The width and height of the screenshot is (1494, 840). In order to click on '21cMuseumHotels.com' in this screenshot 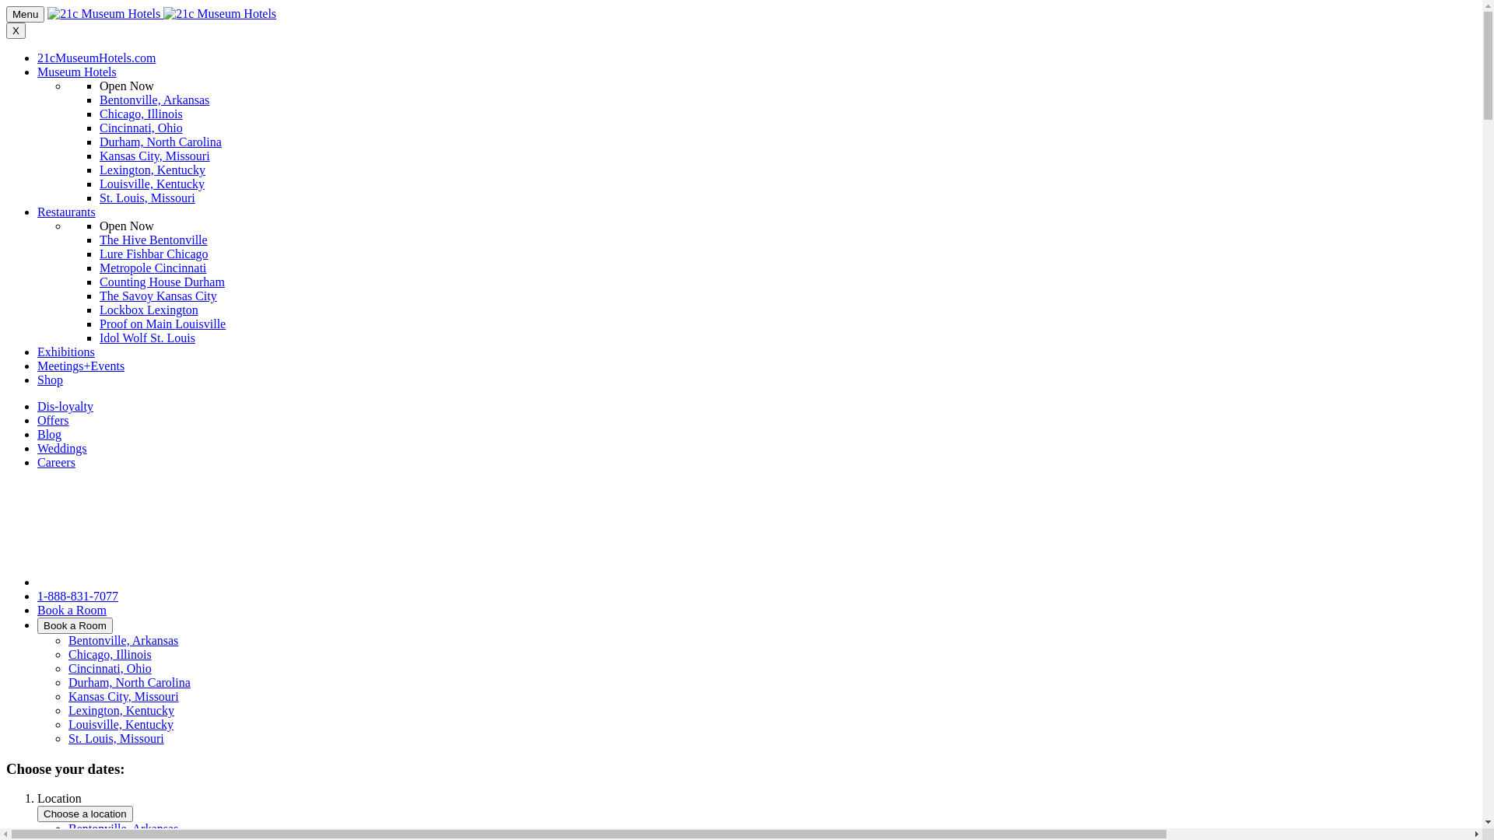, I will do `click(96, 57)`.